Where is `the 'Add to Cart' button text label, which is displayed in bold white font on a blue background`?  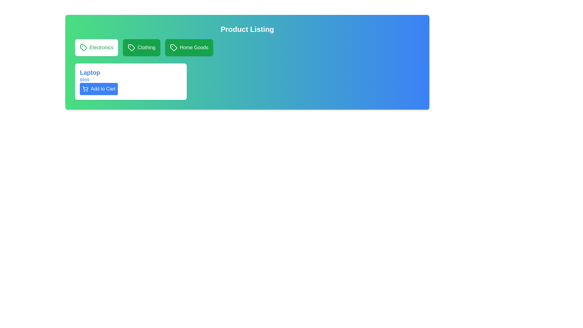
the 'Add to Cart' button text label, which is displayed in bold white font on a blue background is located at coordinates (103, 89).